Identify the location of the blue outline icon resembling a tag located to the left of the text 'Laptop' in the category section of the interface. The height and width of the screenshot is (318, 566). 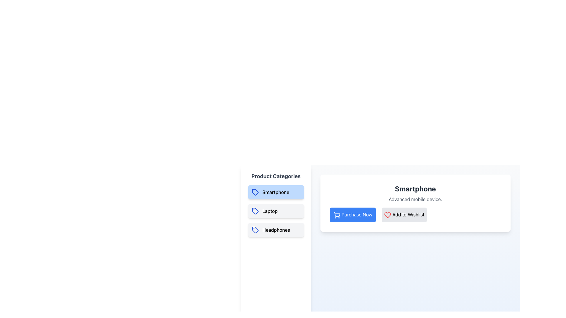
(255, 211).